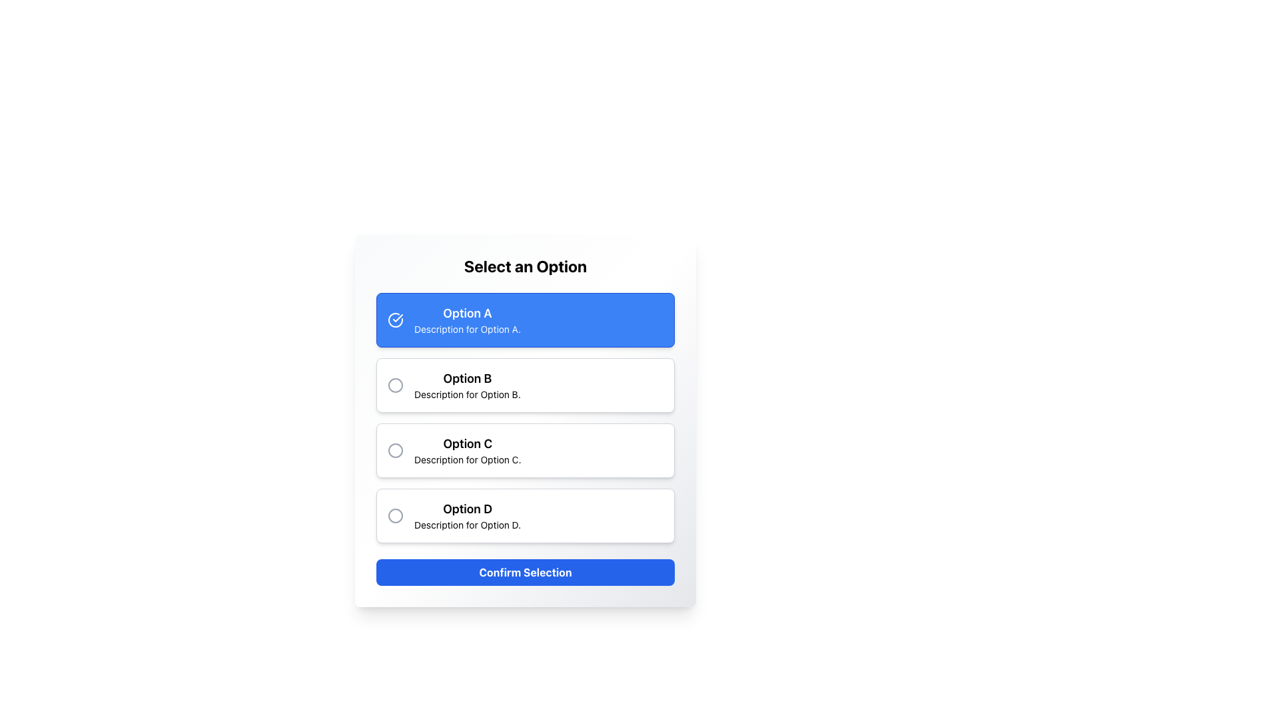 The width and height of the screenshot is (1279, 719). I want to click on the fourth selectable radio button option in the vertical list to observe any highlighting or hover effect, so click(524, 515).